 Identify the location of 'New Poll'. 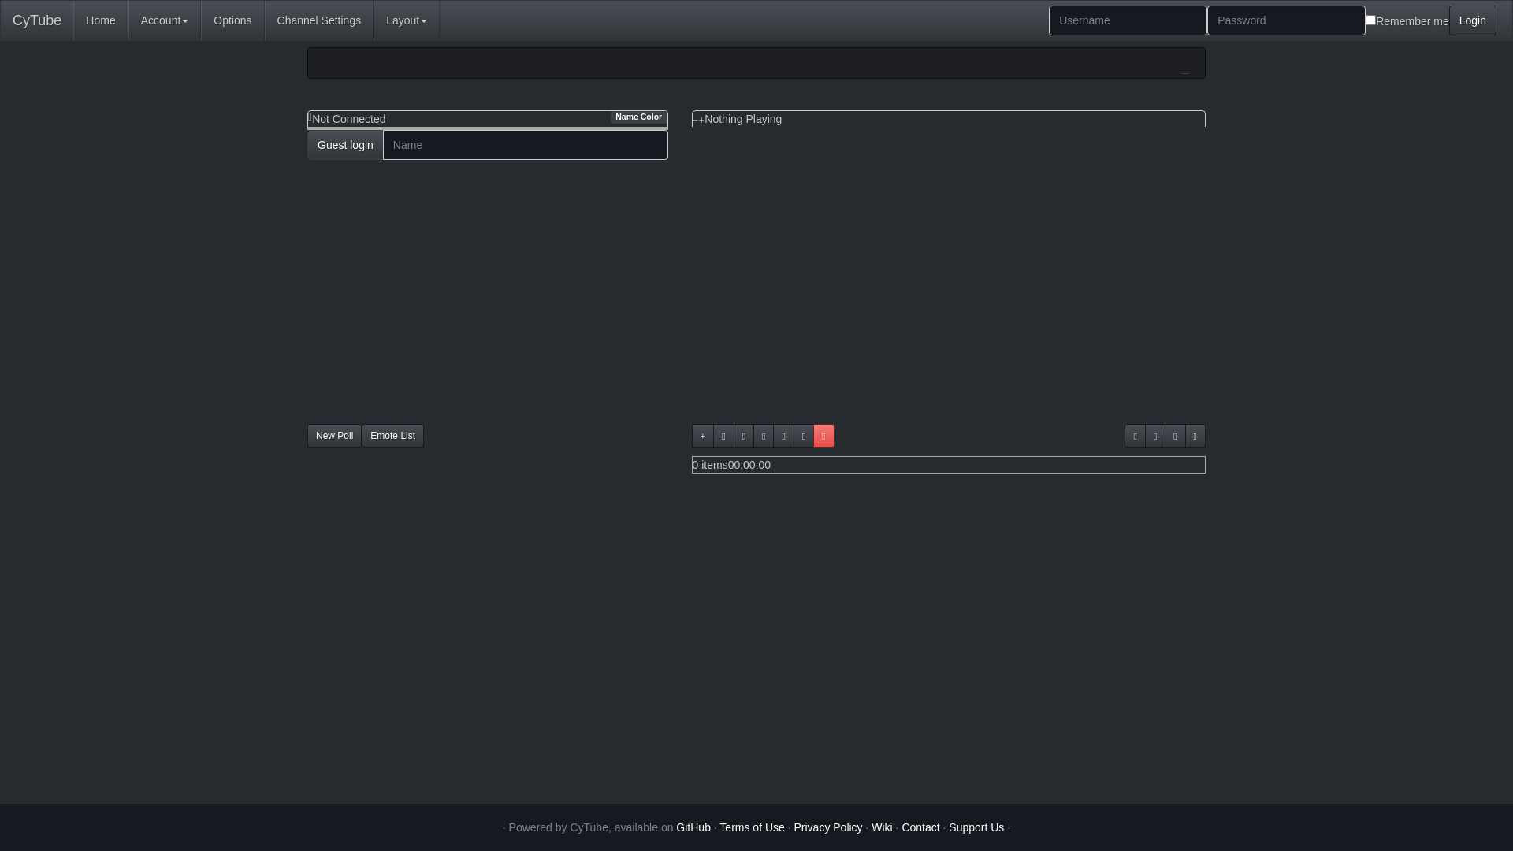
(333, 435).